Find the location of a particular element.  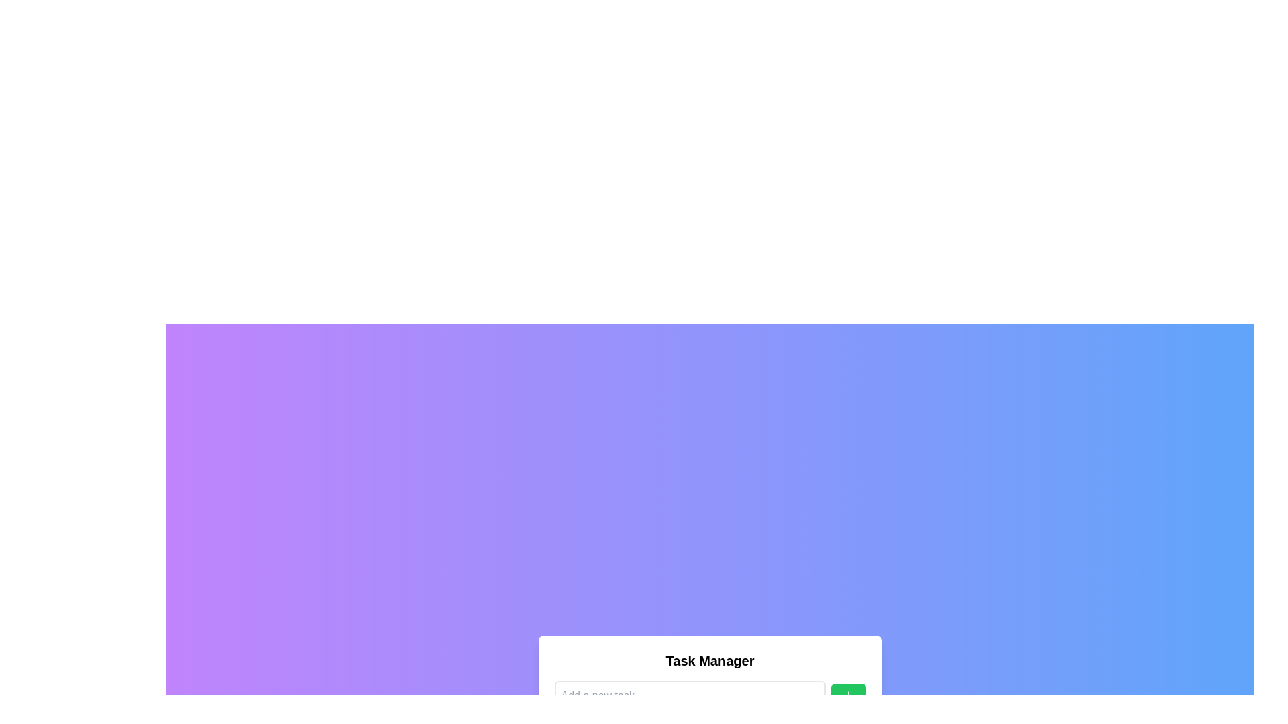

the bold text label reading 'Task Manager' which is positioned at the top-middle of a rectangular card layout is located at coordinates (709, 660).